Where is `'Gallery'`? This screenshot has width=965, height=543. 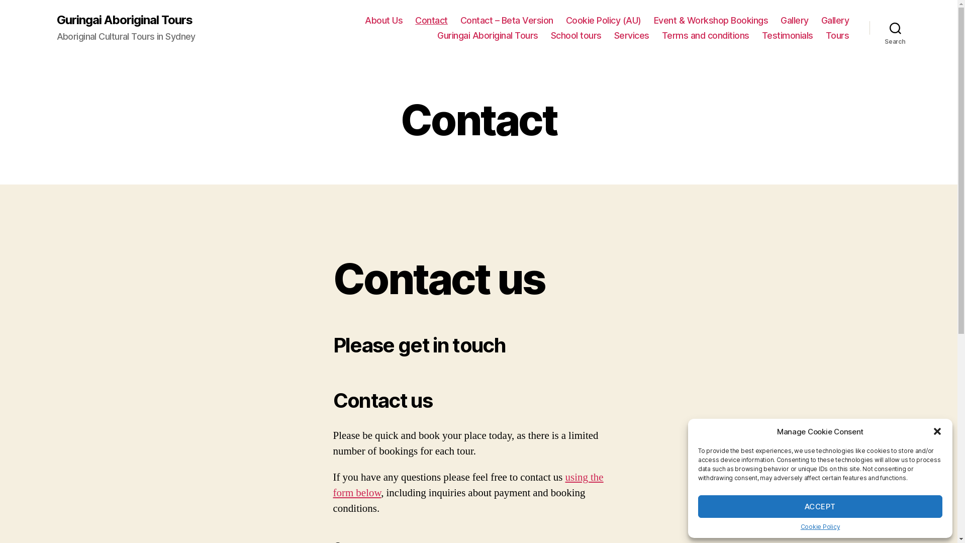
'Gallery' is located at coordinates (794, 21).